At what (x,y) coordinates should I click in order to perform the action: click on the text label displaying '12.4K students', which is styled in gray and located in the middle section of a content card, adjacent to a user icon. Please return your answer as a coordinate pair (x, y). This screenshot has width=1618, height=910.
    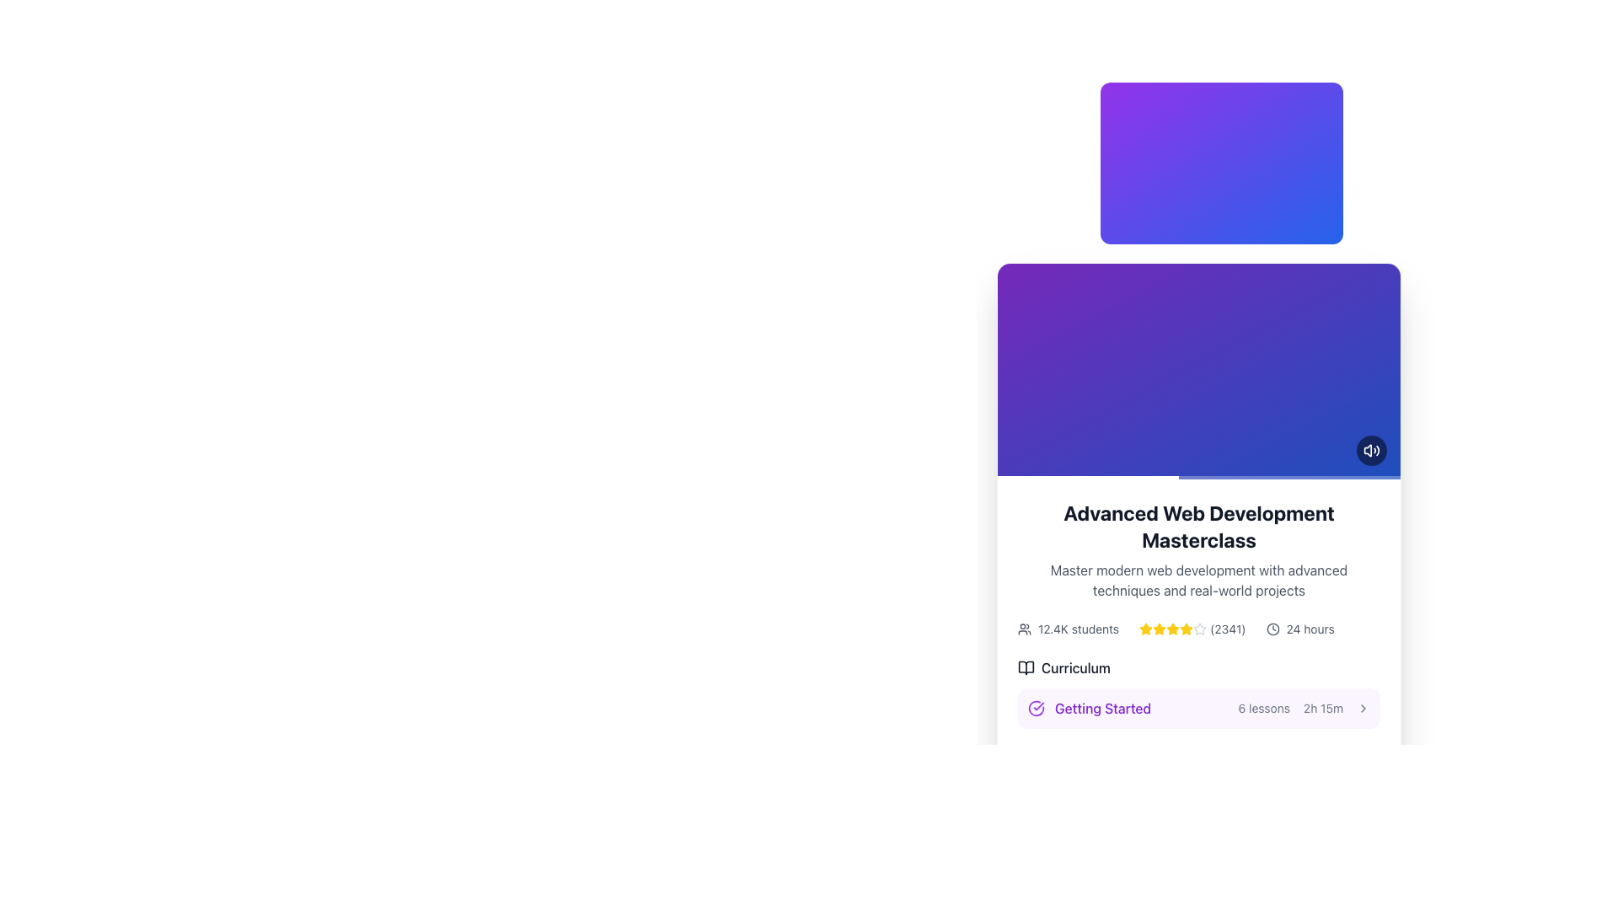
    Looking at the image, I should click on (1079, 629).